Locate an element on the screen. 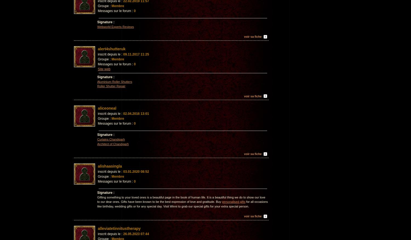 The image size is (411, 240). 'Aluminium Roller Shutters' is located at coordinates (115, 81).